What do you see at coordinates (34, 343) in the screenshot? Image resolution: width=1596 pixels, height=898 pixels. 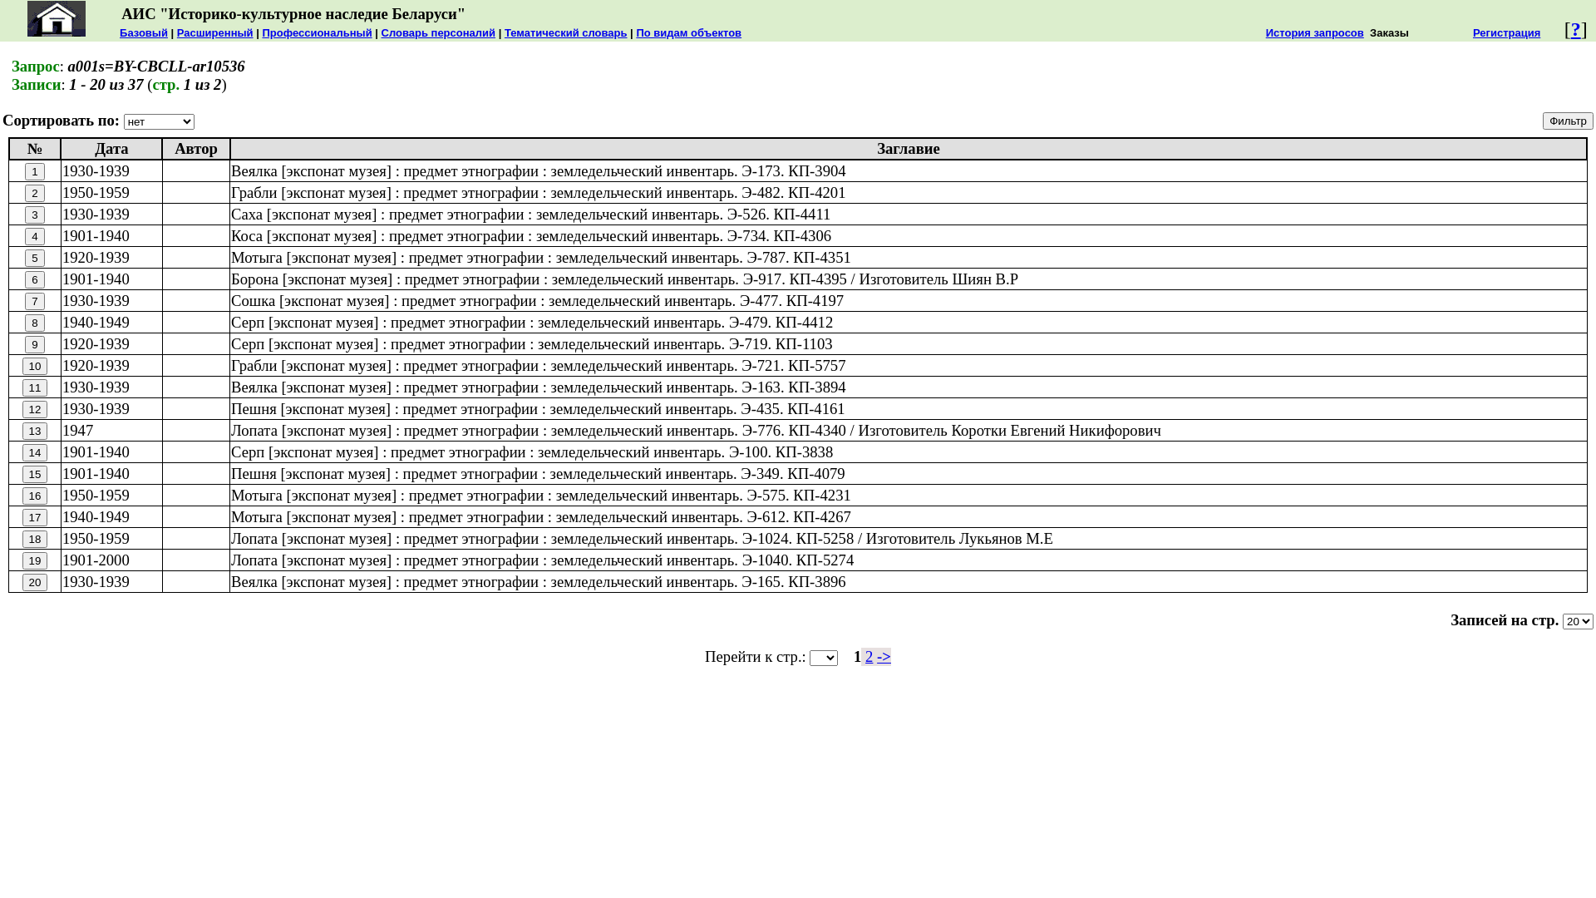 I see `'9'` at bounding box center [34, 343].